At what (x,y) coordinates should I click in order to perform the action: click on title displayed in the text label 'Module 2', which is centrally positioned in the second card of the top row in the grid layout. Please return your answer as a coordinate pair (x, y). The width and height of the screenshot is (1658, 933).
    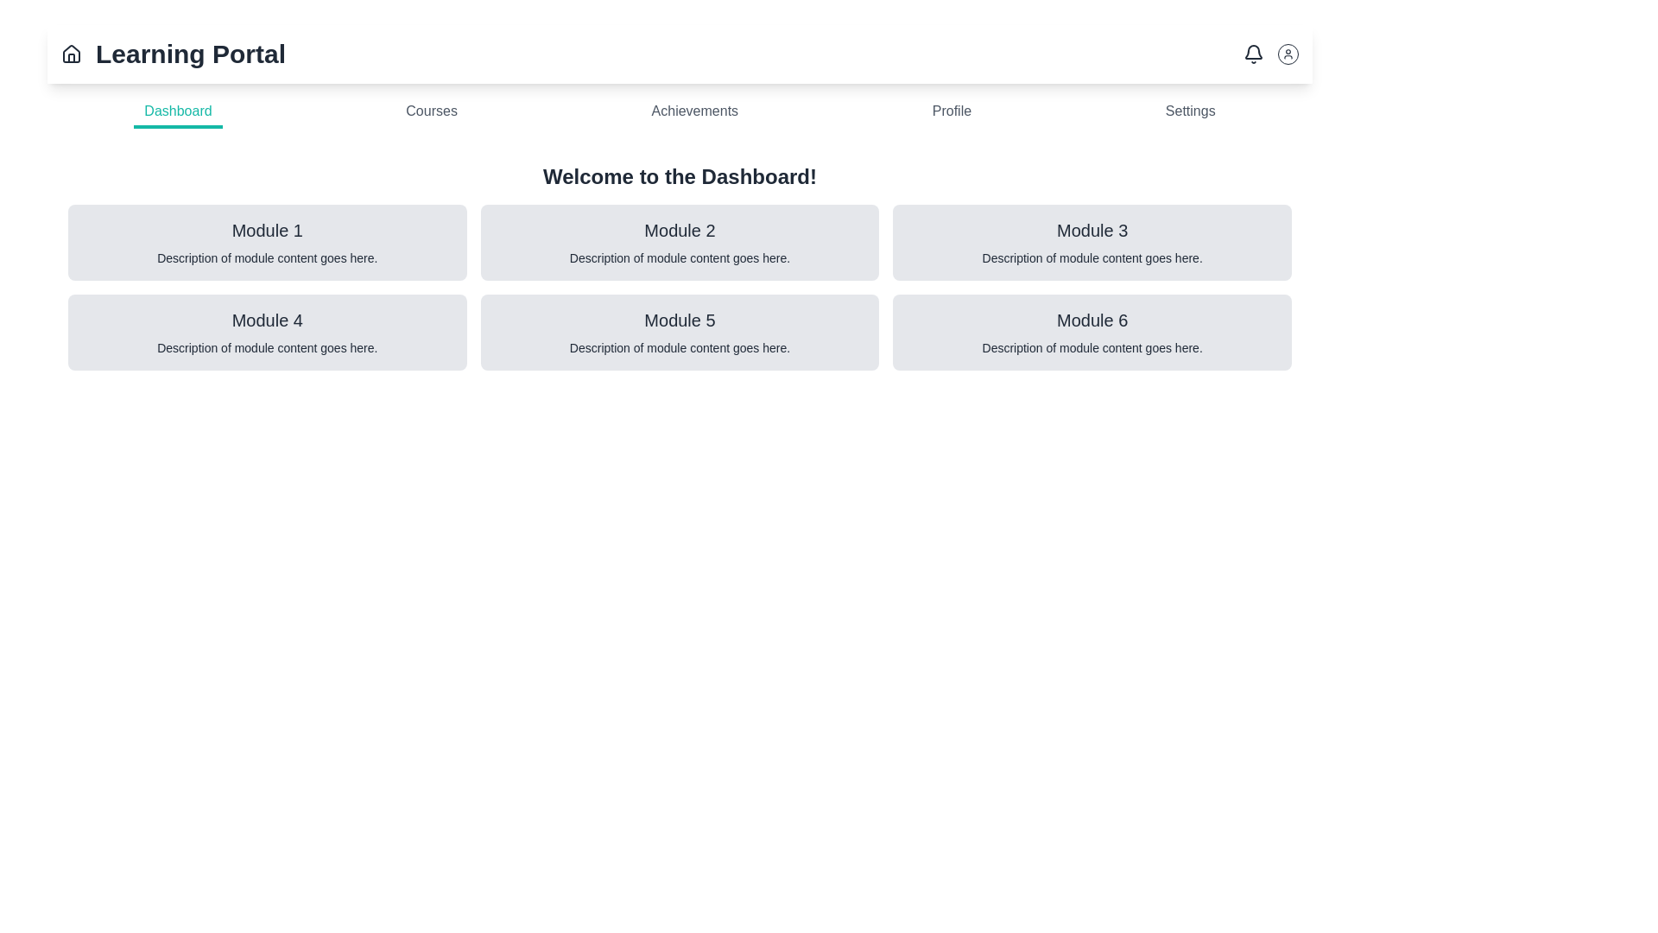
    Looking at the image, I should click on (679, 229).